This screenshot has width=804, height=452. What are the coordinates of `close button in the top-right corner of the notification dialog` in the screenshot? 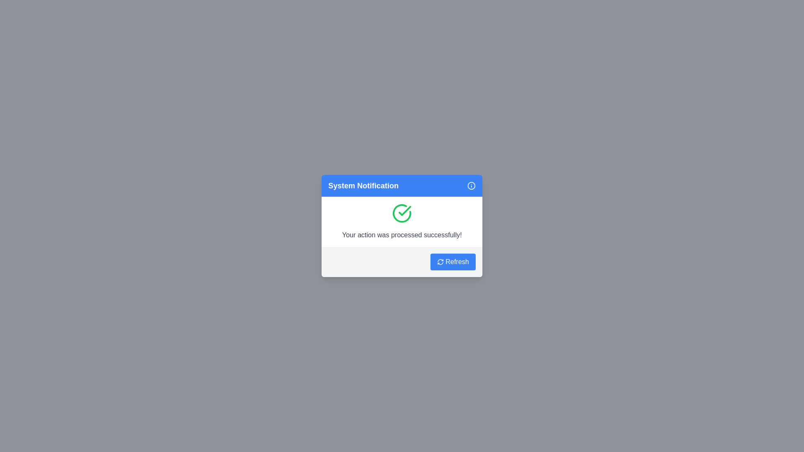 It's located at (472, 185).